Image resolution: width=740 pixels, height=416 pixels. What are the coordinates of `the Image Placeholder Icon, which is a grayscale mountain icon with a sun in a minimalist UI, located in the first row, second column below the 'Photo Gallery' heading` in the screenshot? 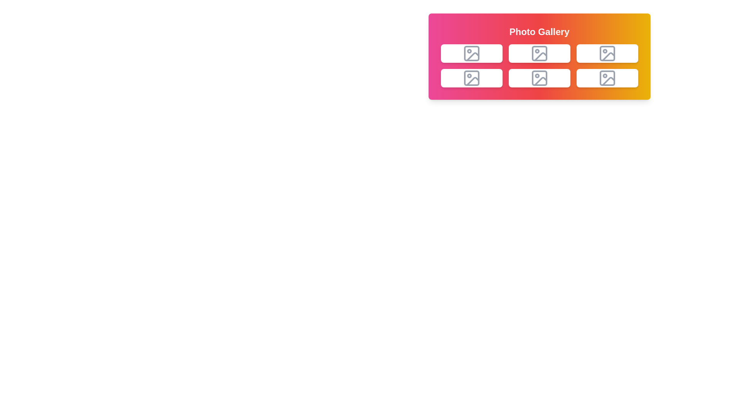 It's located at (539, 53).